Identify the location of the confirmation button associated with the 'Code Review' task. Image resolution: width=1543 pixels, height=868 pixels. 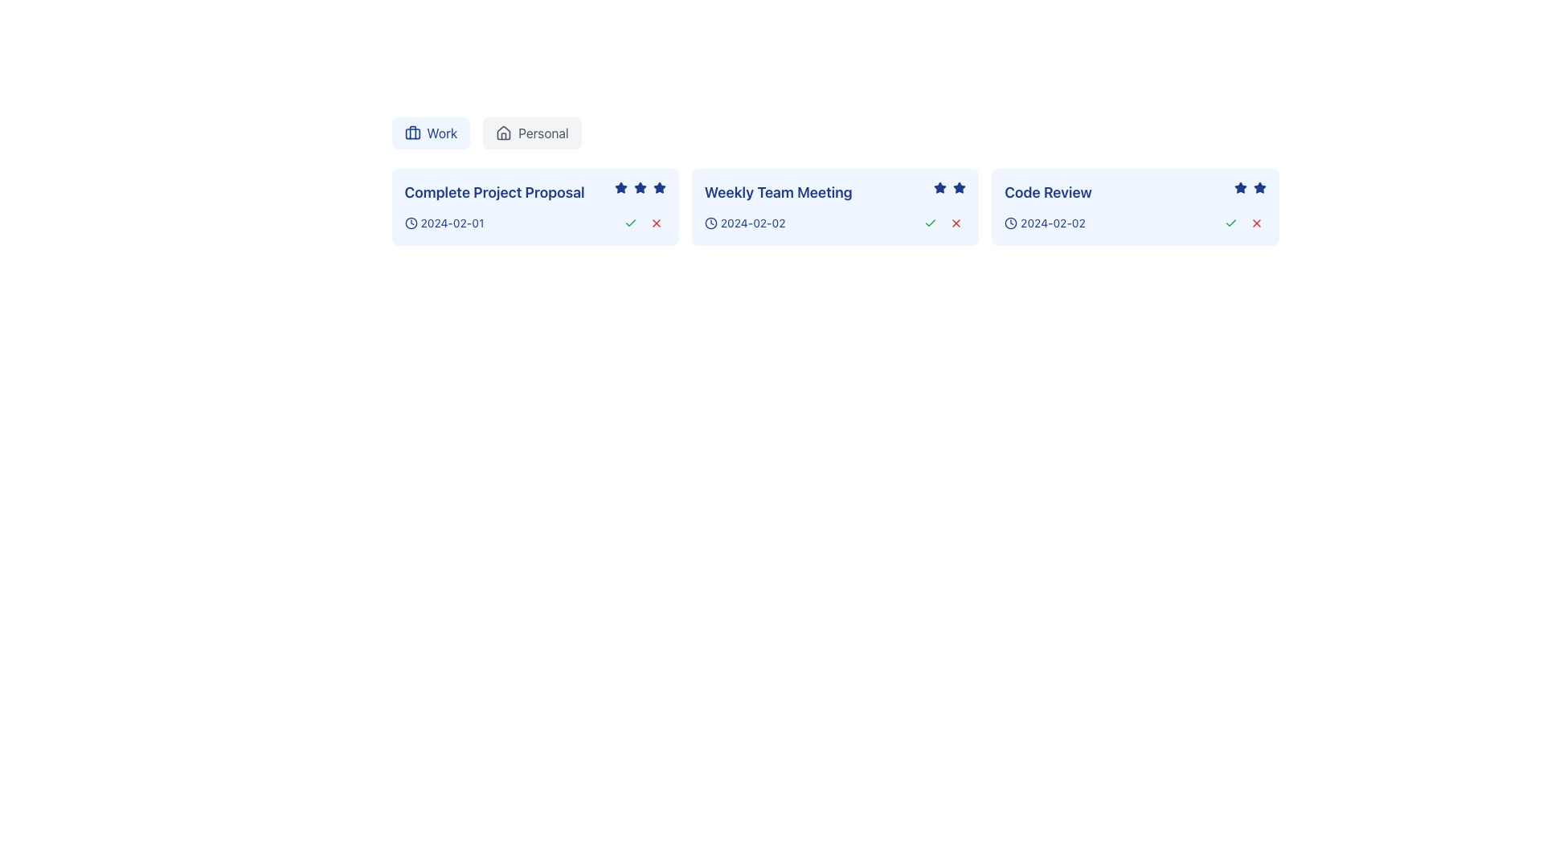
(1230, 223).